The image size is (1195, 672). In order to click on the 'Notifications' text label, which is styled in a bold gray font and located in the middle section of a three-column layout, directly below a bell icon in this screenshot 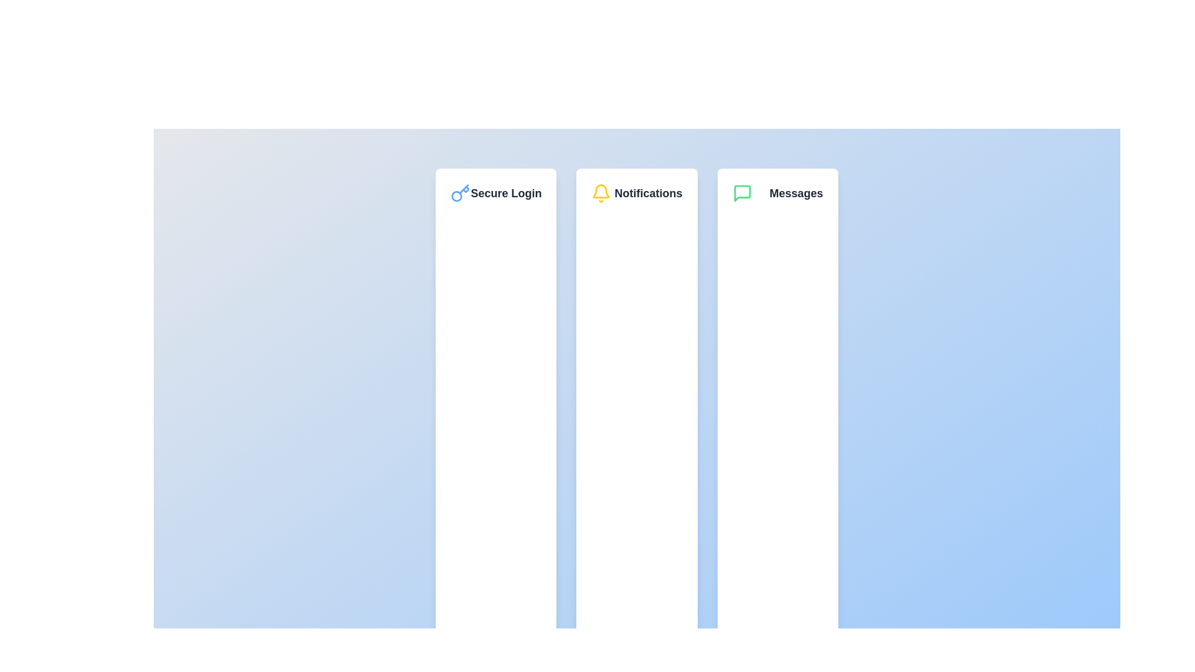, I will do `click(647, 194)`.